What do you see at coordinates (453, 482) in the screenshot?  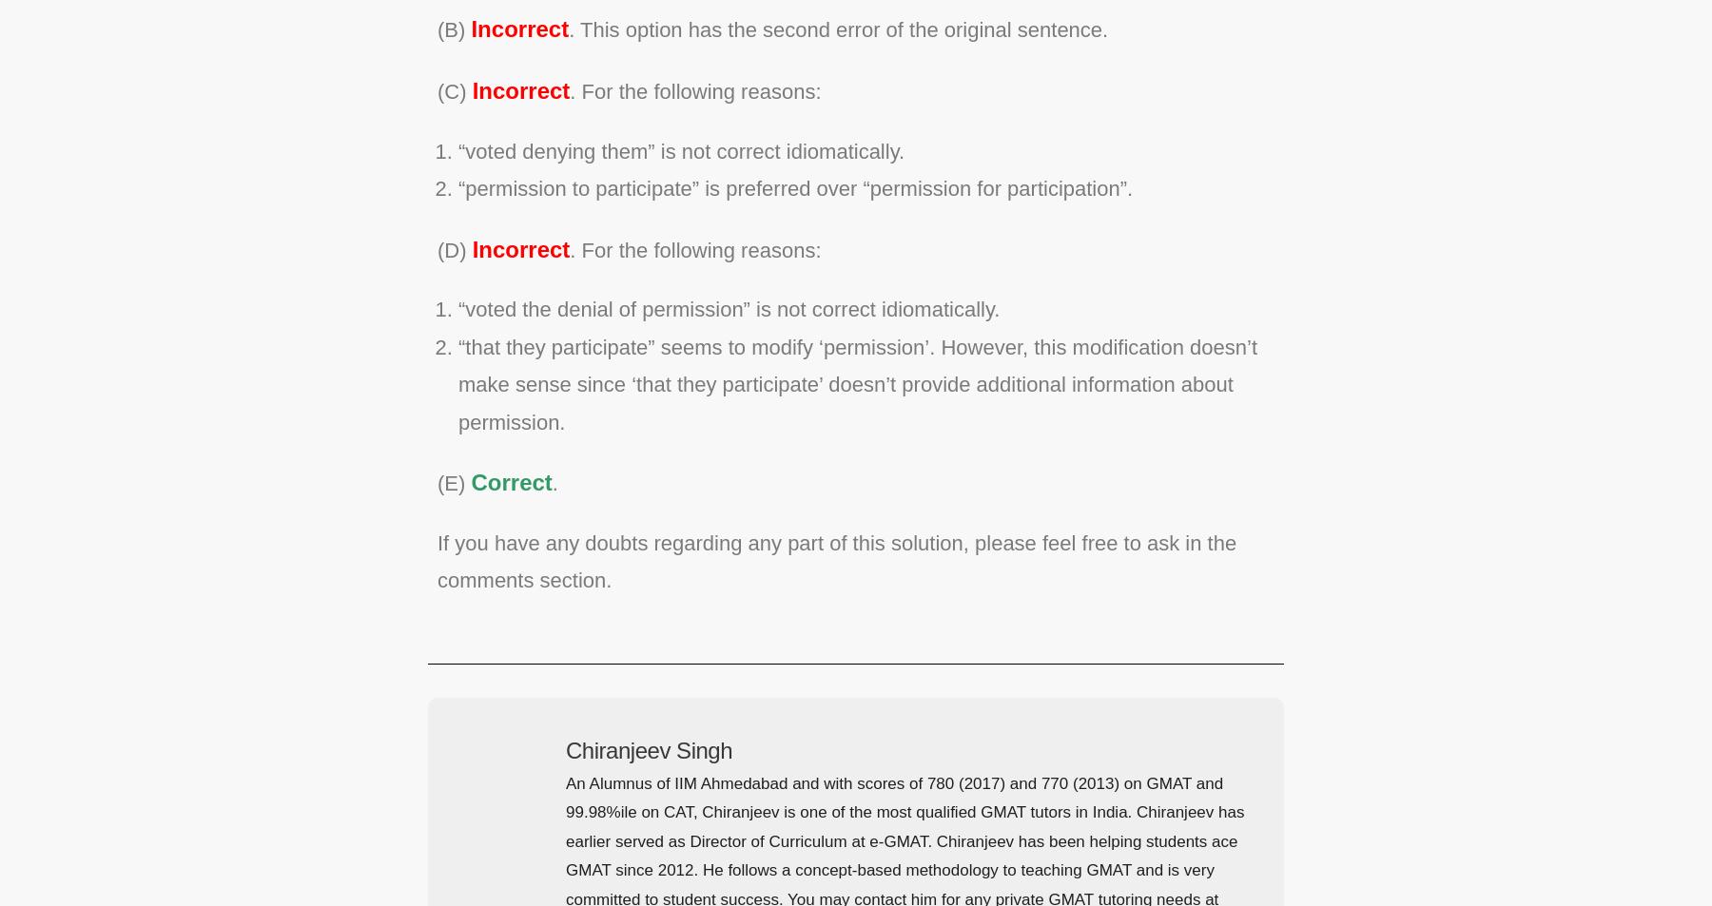 I see `'(E)'` at bounding box center [453, 482].